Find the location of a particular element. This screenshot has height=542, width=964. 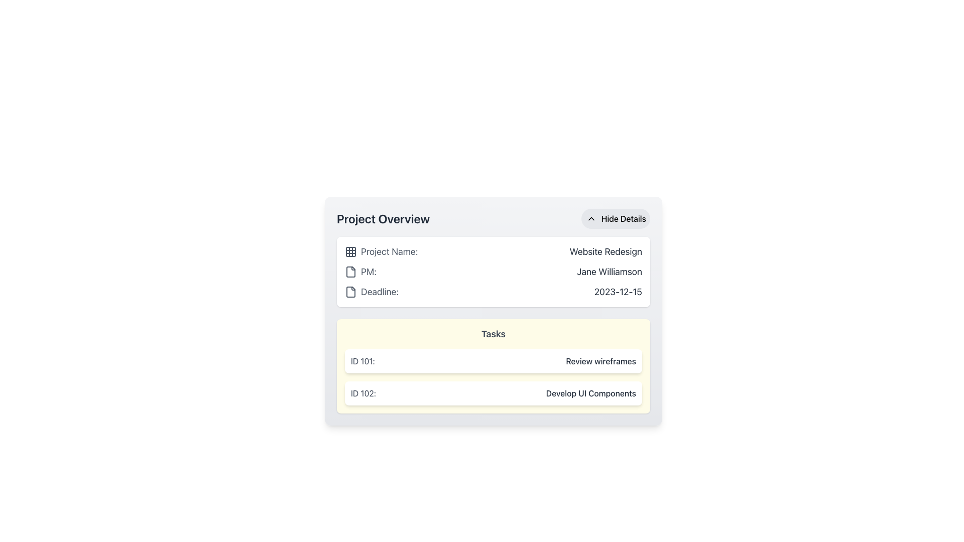

the Text Label that indicates the identifier of a specific task, located in the 'Tasks' section under the 'Project Overview' heading, positioned to the left of the task name is located at coordinates (363, 392).